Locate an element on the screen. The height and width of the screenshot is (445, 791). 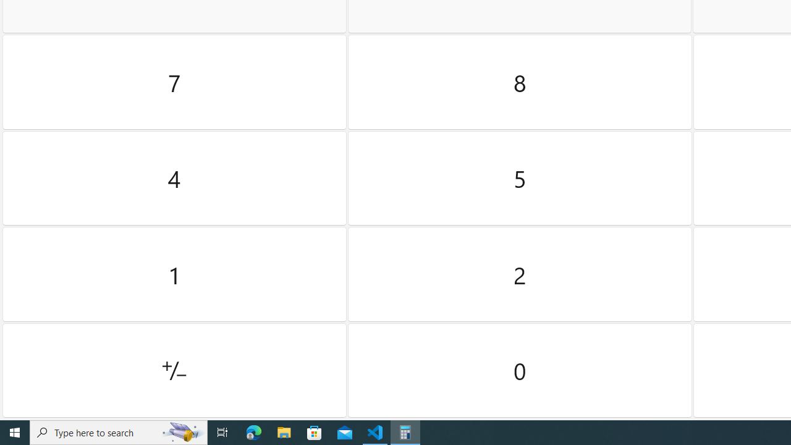
'Five' is located at coordinates (520, 178).